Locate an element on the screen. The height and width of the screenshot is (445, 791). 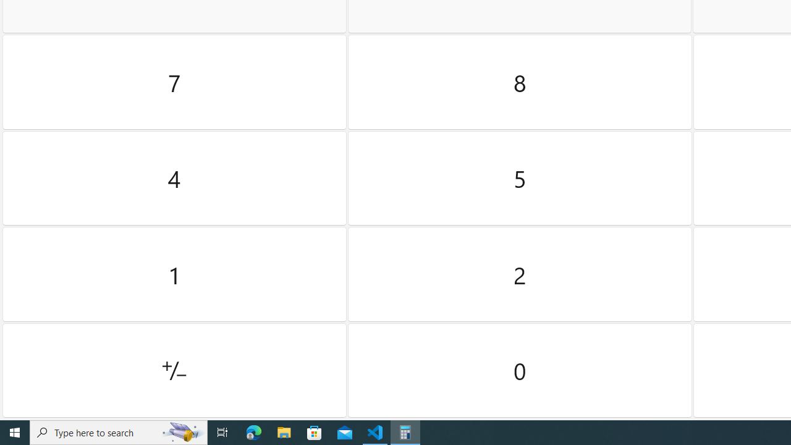
'Five' is located at coordinates (520, 178).